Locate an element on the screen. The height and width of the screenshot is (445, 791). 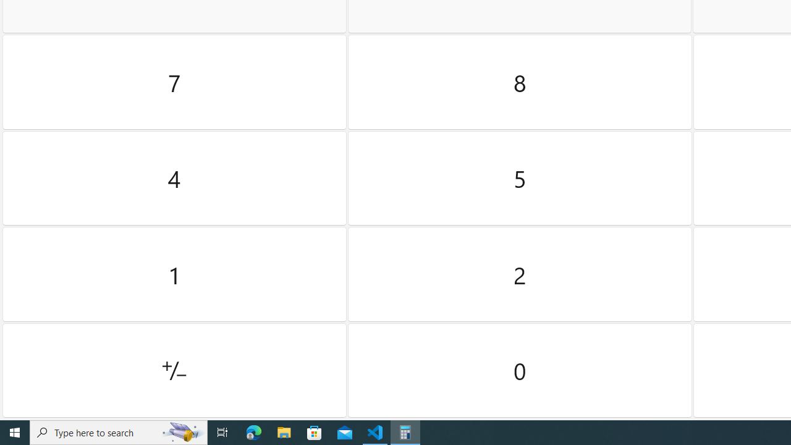
'Five' is located at coordinates (520, 178).